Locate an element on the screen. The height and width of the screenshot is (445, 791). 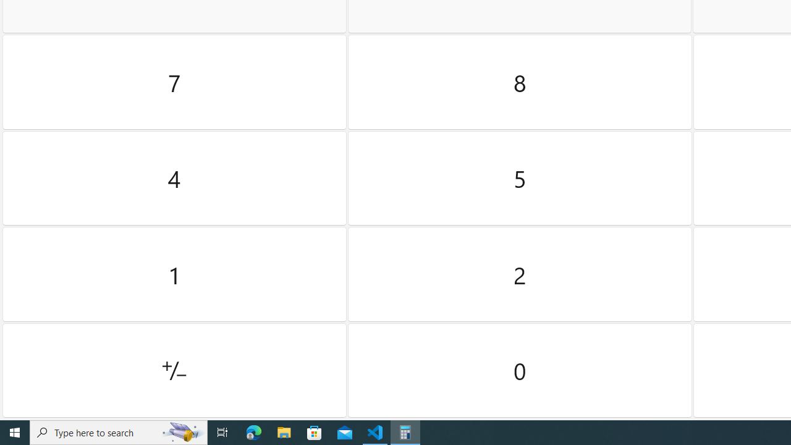
'Five' is located at coordinates (520, 178).